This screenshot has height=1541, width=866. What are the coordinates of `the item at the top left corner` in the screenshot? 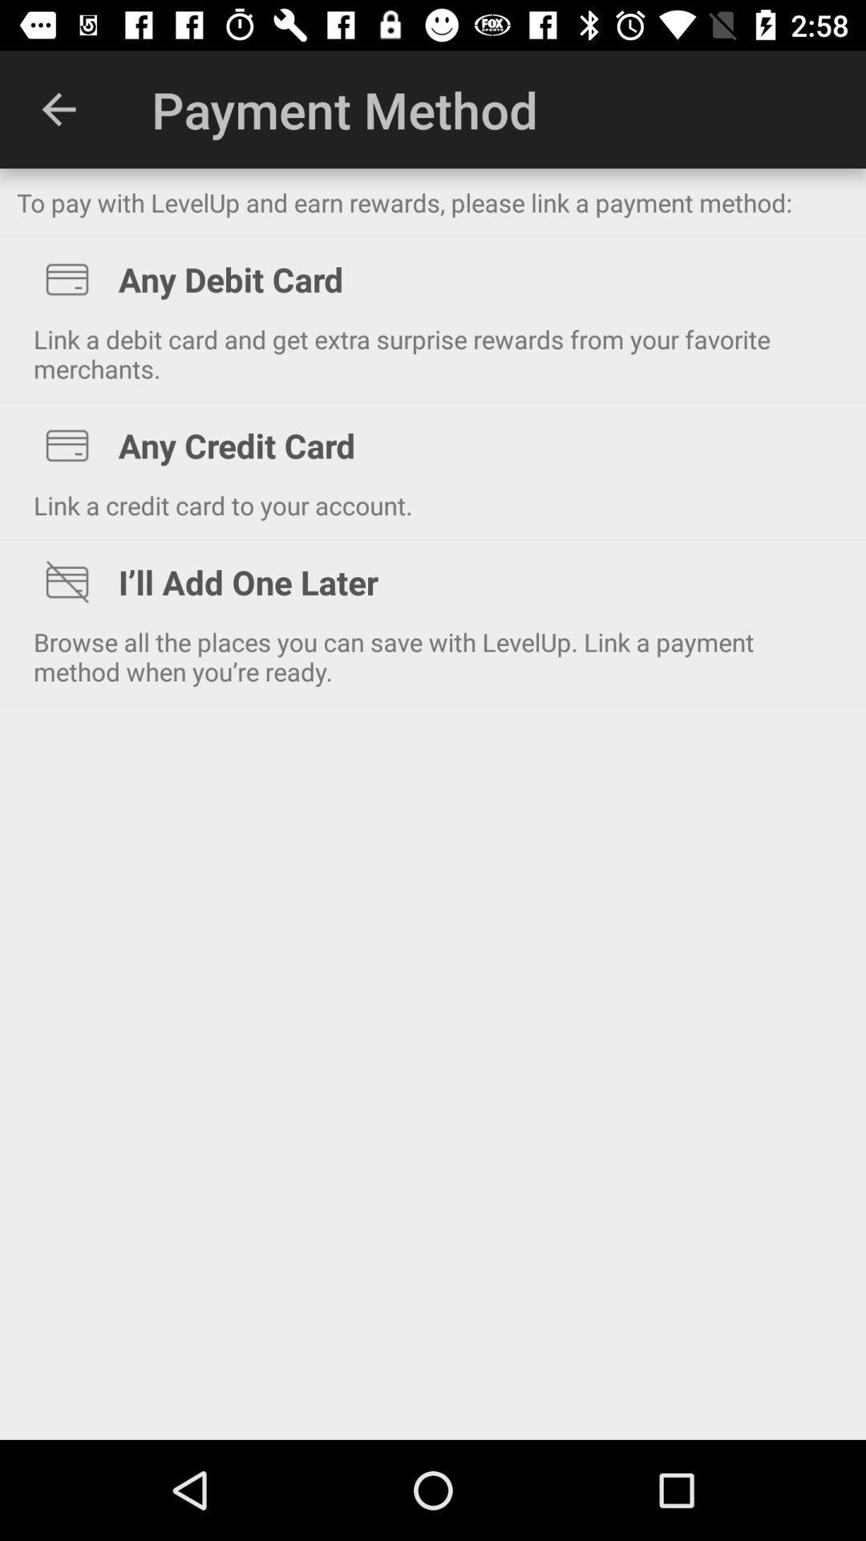 It's located at (58, 108).